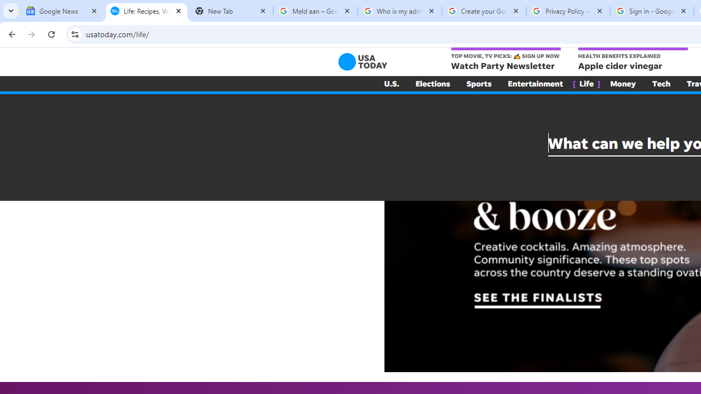  What do you see at coordinates (479, 83) in the screenshot?
I see `'Sports'` at bounding box center [479, 83].